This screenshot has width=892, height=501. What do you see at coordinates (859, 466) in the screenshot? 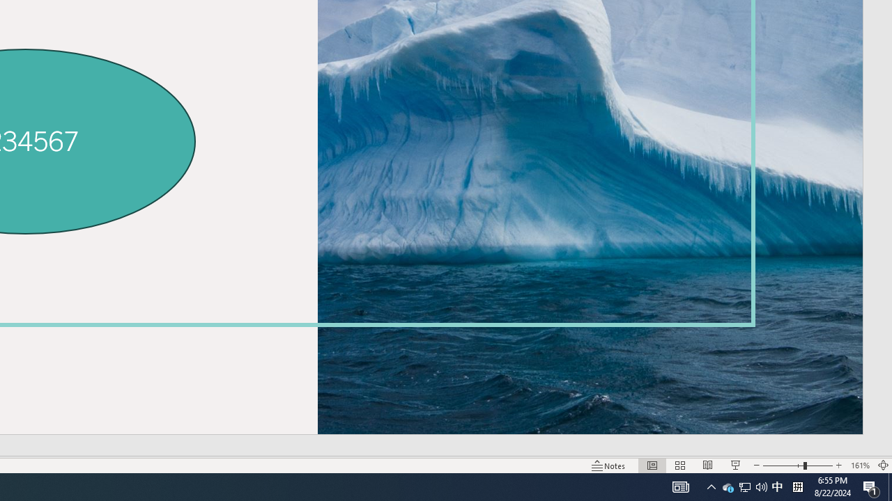
I see `'Zoom 161%'` at bounding box center [859, 466].